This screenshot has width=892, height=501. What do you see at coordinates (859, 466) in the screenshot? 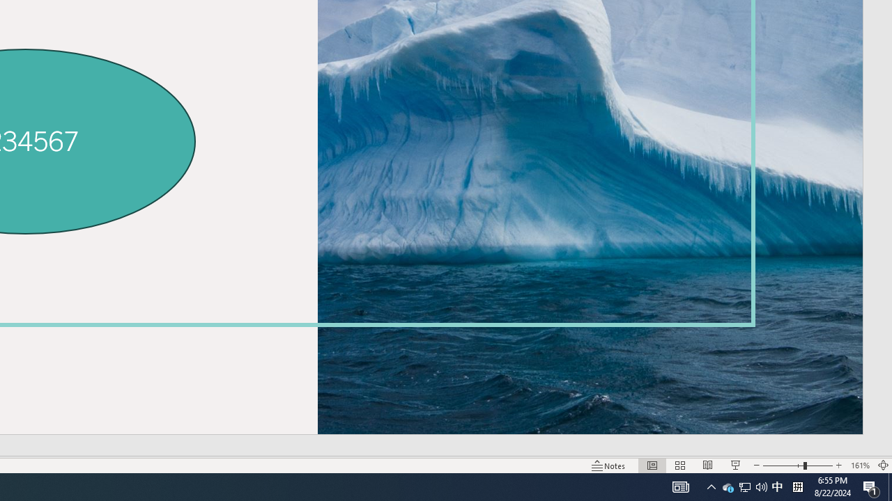
I see `'Zoom 161%'` at bounding box center [859, 466].